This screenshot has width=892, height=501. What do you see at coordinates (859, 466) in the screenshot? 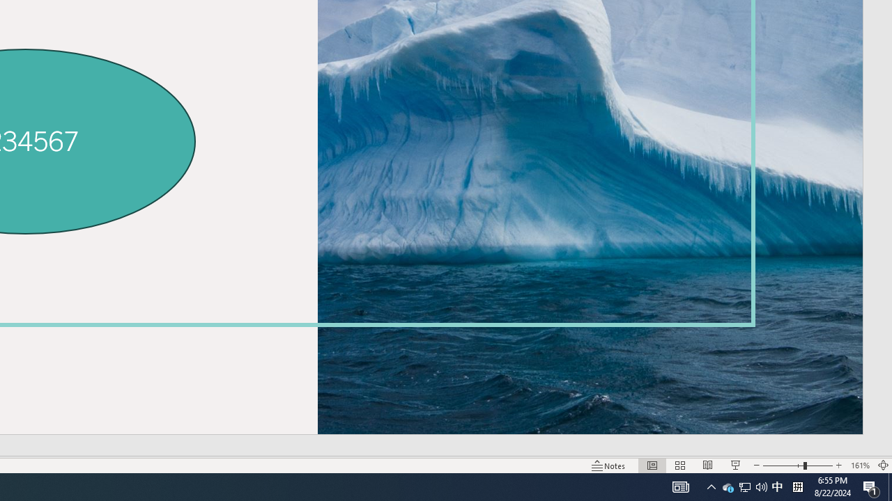
I see `'Zoom 161%'` at bounding box center [859, 466].